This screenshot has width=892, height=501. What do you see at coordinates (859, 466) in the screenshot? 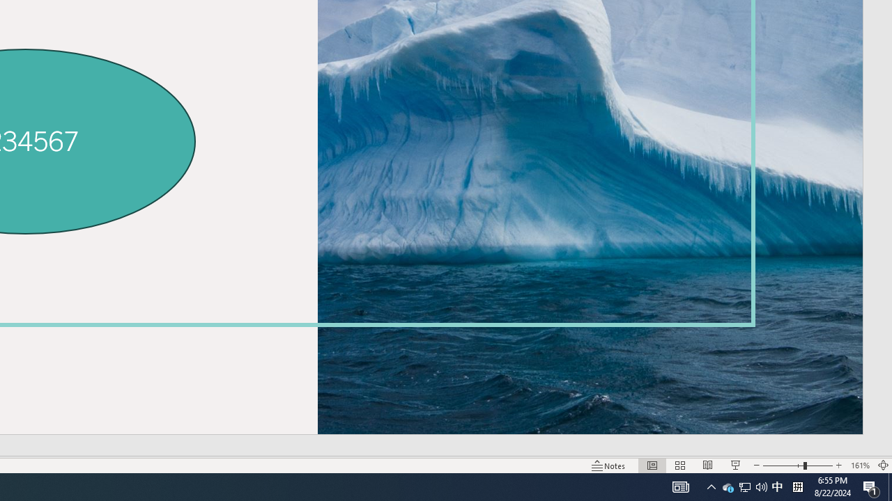
I see `'Zoom 161%'` at bounding box center [859, 466].